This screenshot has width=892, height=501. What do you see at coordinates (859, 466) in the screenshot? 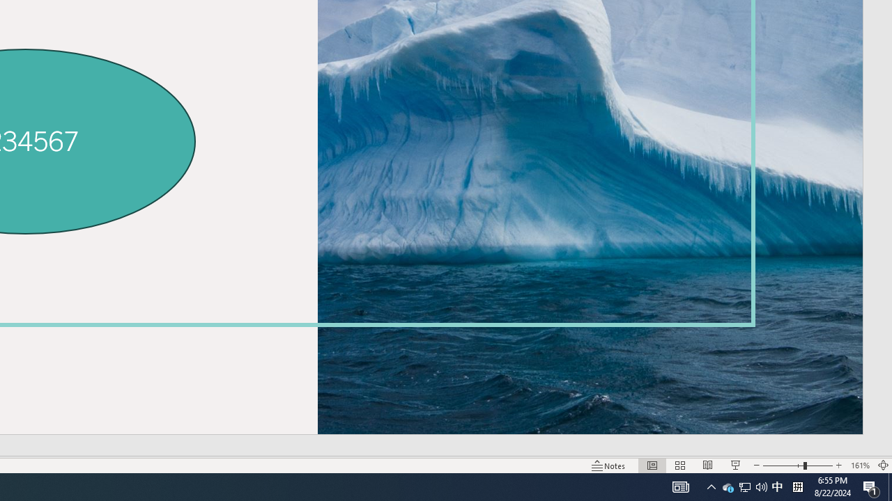
I see `'Zoom 161%'` at bounding box center [859, 466].